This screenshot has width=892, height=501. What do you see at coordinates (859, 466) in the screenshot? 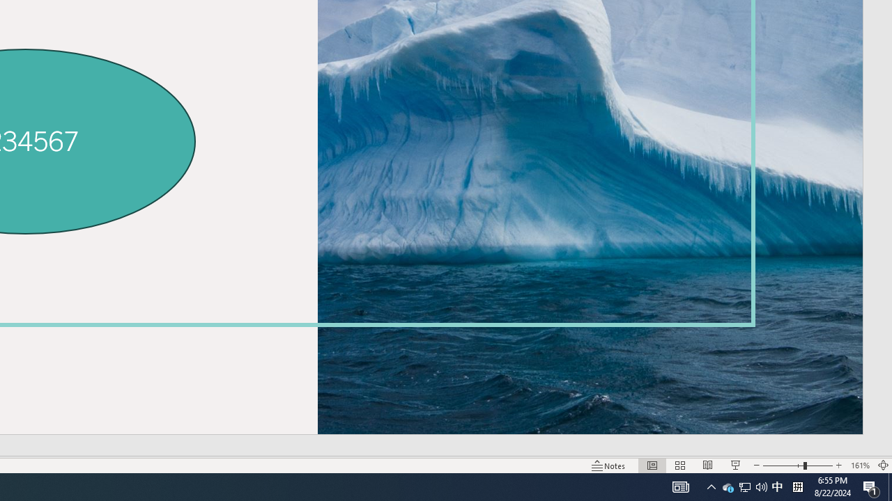
I see `'Zoom 161%'` at bounding box center [859, 466].